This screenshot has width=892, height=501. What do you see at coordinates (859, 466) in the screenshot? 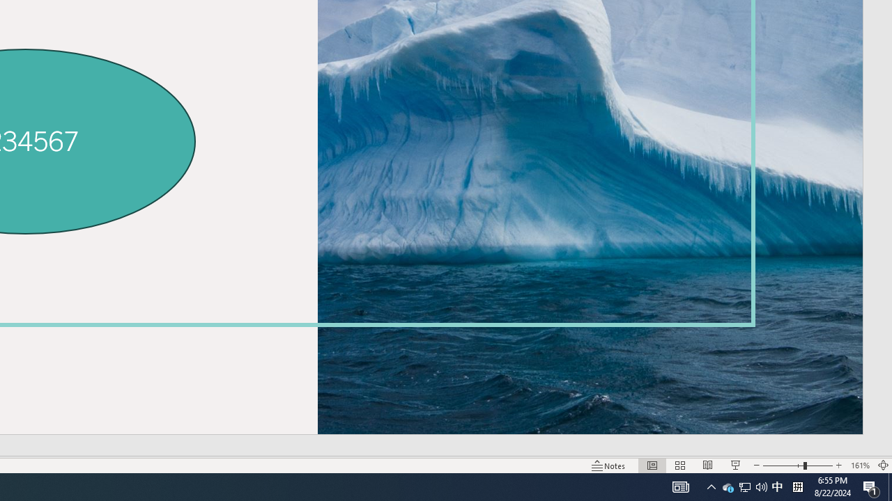
I see `'Zoom 161%'` at bounding box center [859, 466].